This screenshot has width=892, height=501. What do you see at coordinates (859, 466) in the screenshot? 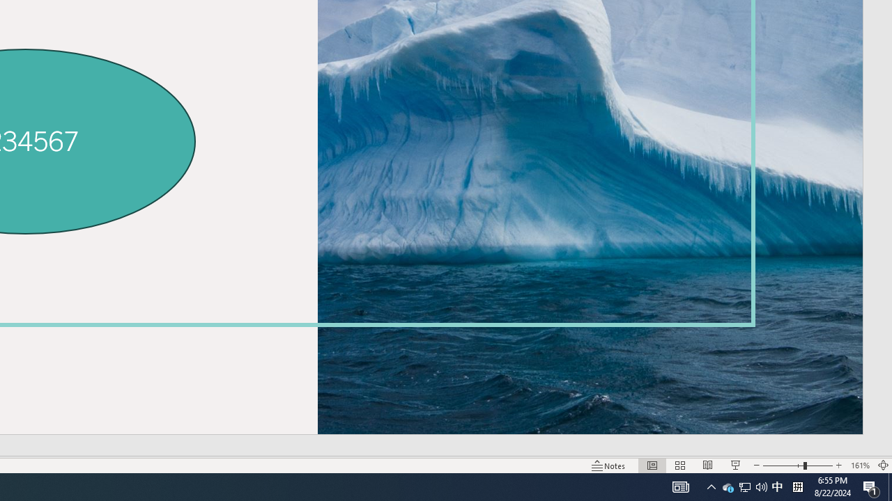
I see `'Zoom 161%'` at bounding box center [859, 466].